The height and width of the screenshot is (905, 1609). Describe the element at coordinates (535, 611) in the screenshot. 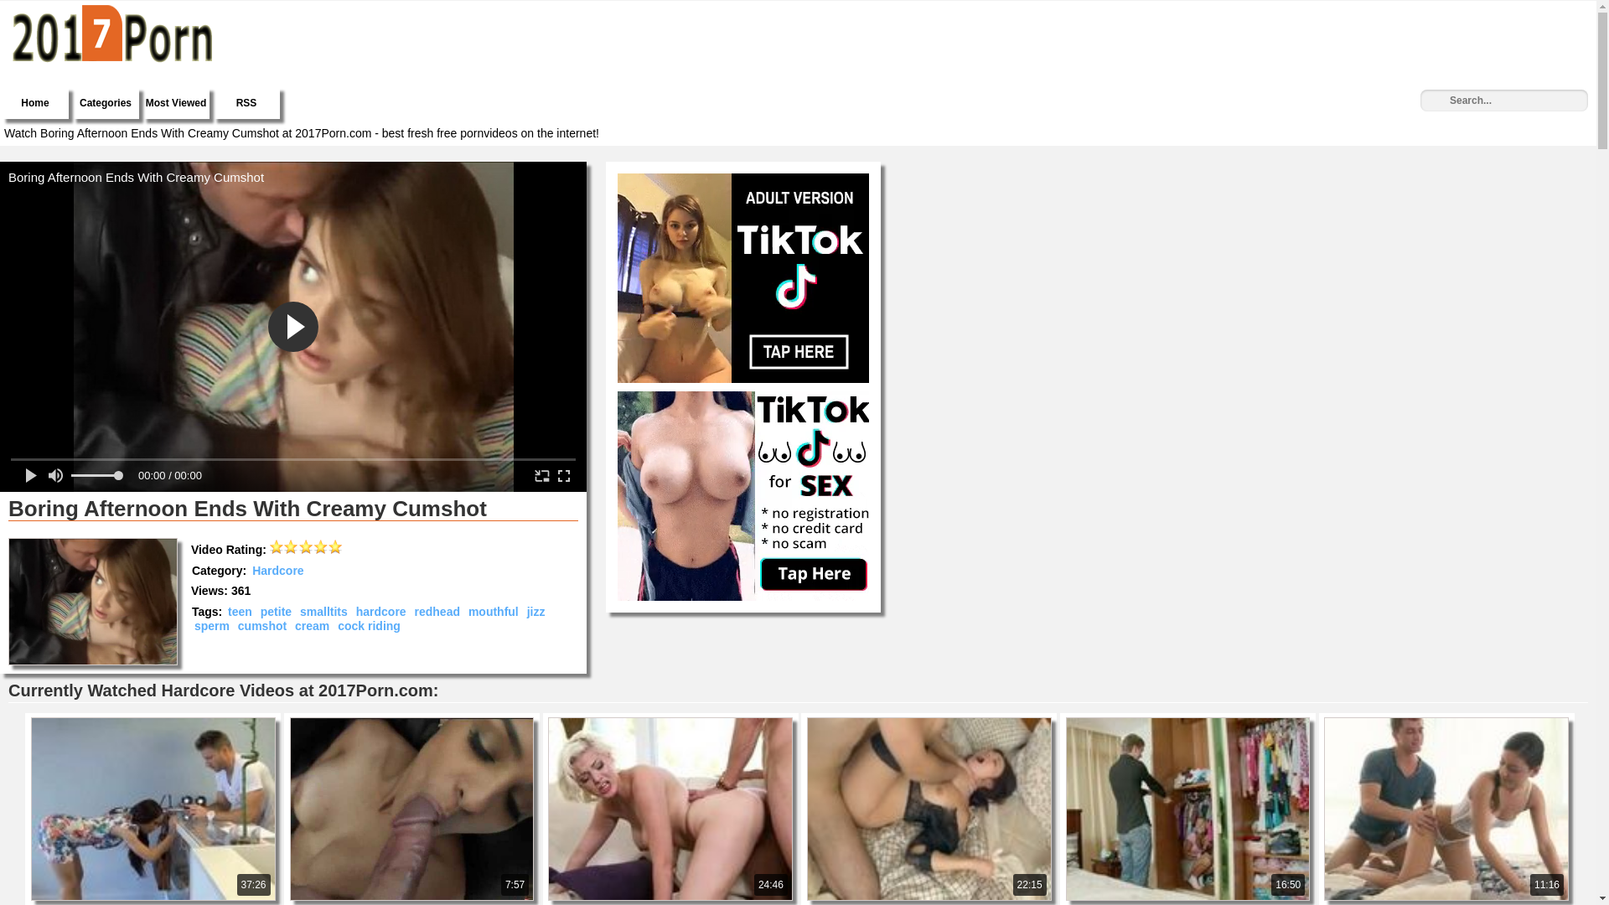

I see `'jizz'` at that location.